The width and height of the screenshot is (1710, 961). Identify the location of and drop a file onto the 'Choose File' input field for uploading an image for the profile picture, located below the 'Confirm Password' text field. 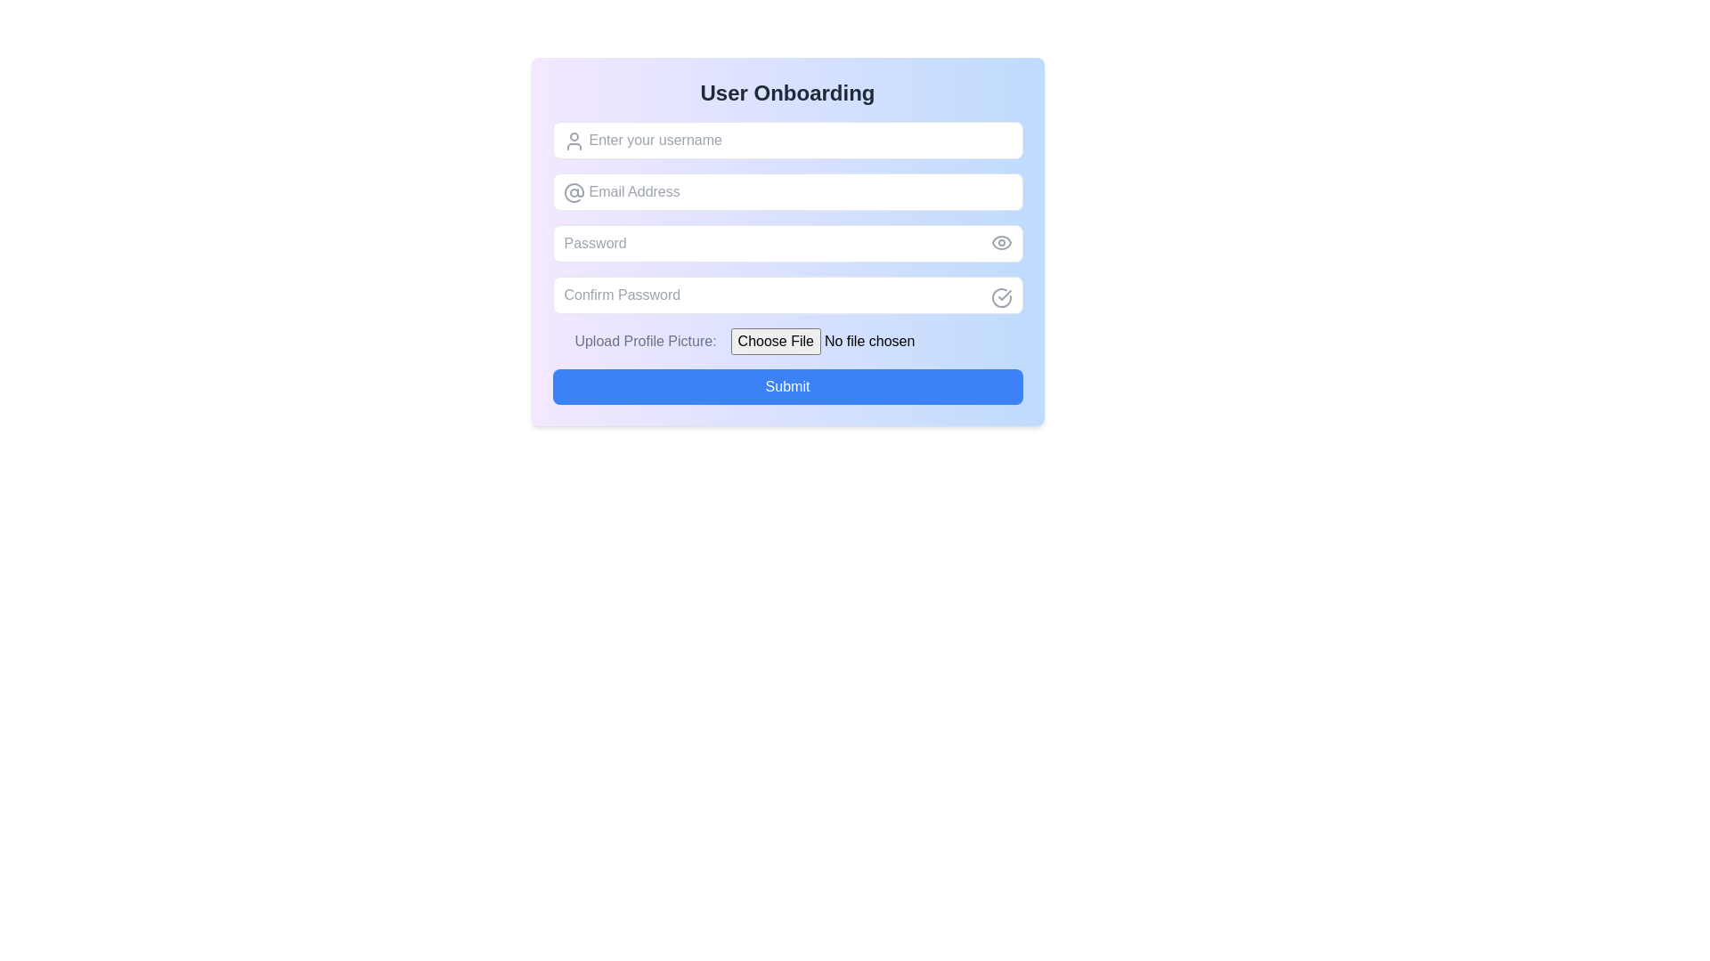
(866, 342).